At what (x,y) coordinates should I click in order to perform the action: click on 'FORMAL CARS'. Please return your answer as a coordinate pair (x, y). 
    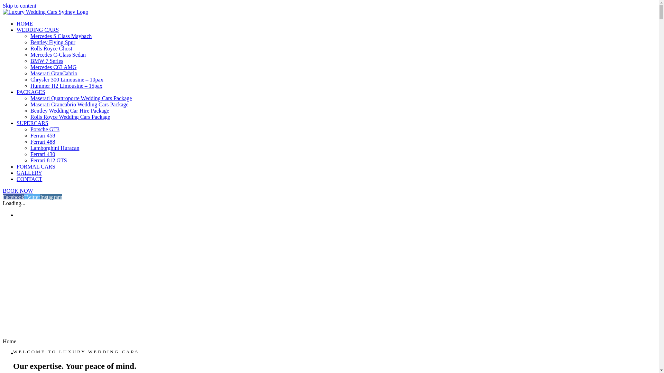
    Looking at the image, I should click on (36, 166).